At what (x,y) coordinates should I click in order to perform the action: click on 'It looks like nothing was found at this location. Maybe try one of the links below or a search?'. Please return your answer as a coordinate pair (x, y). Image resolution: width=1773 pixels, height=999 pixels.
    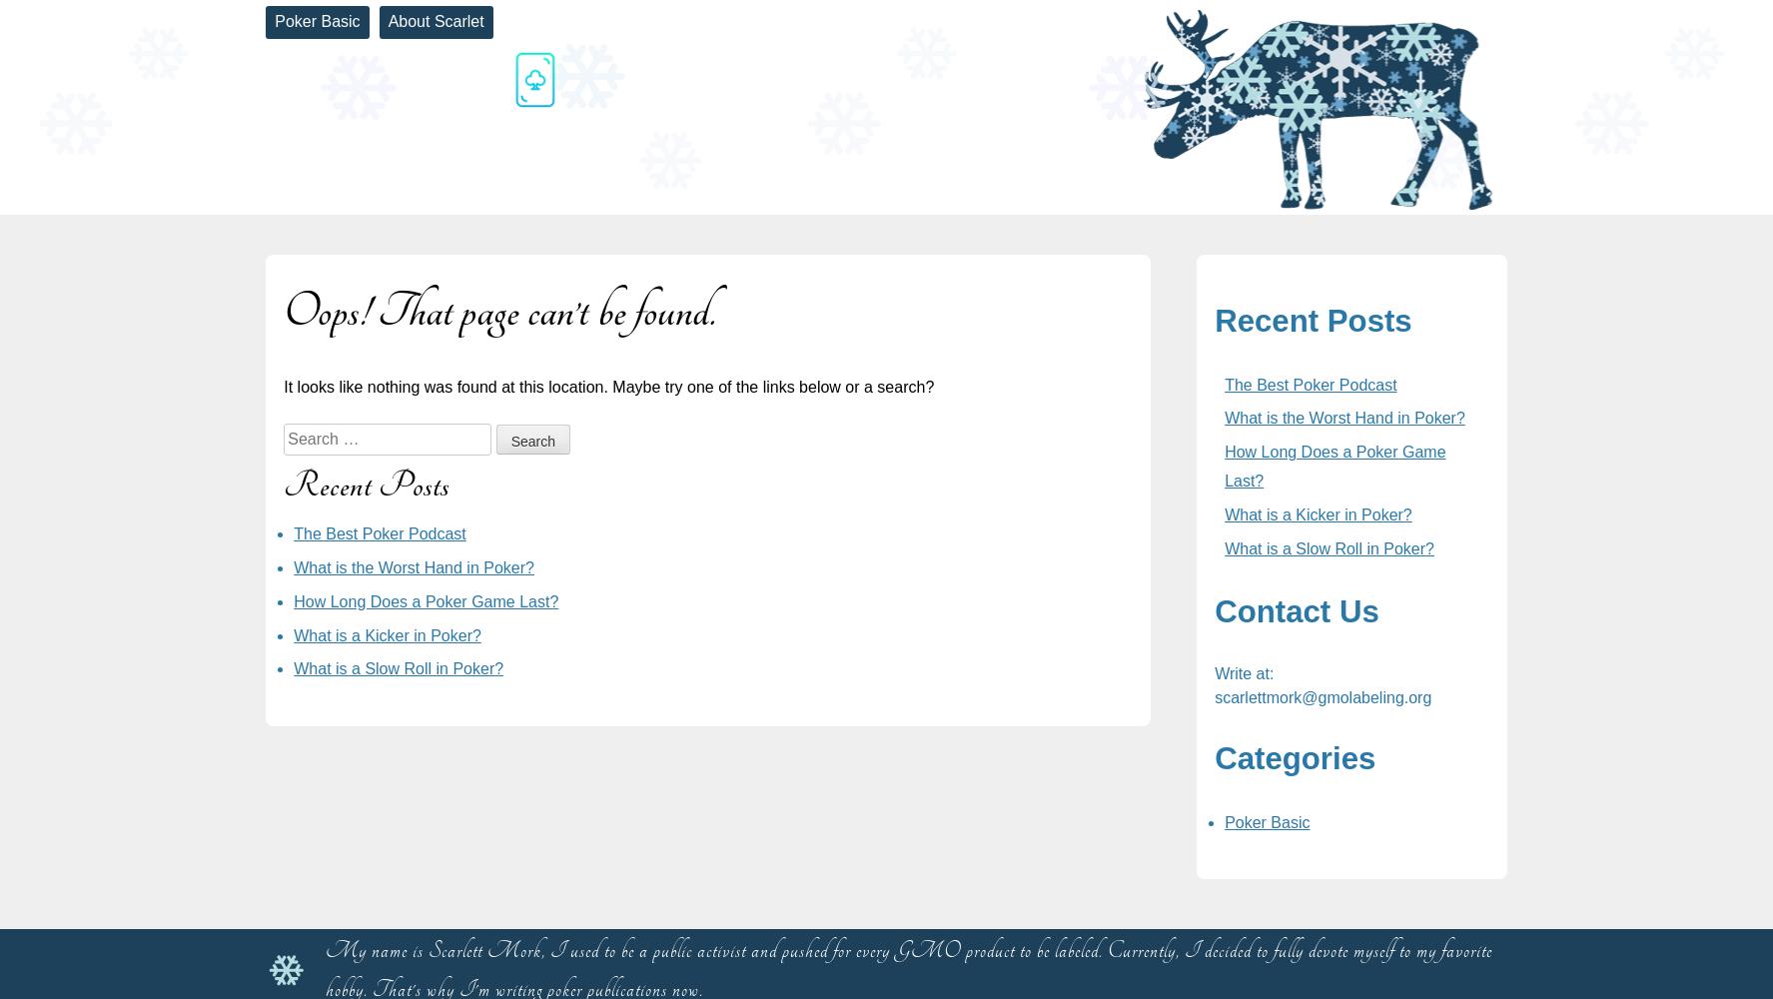
    Looking at the image, I should click on (608, 387).